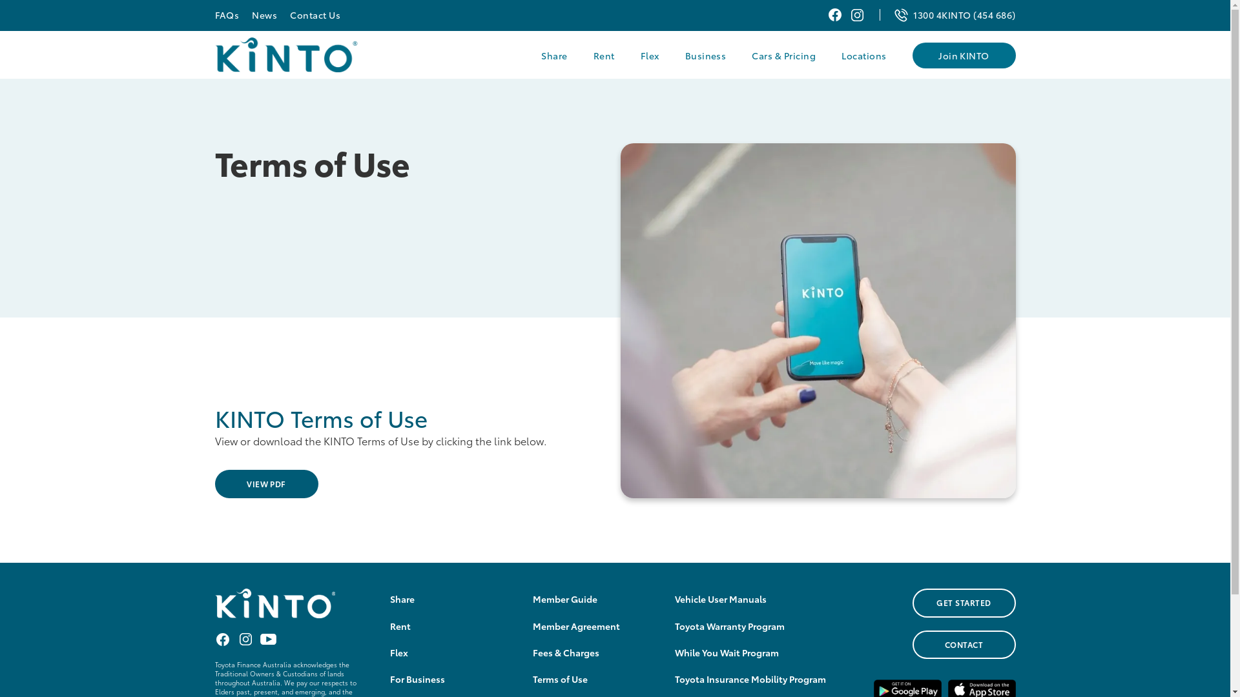 This screenshot has width=1240, height=697. What do you see at coordinates (315, 15) in the screenshot?
I see `'Contact Us'` at bounding box center [315, 15].